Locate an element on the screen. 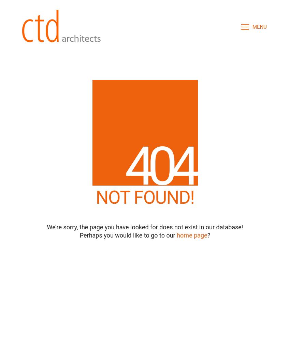 The image size is (290, 364). 'We’re sorry, the page you have looked for does not exist in our database!' is located at coordinates (145, 227).